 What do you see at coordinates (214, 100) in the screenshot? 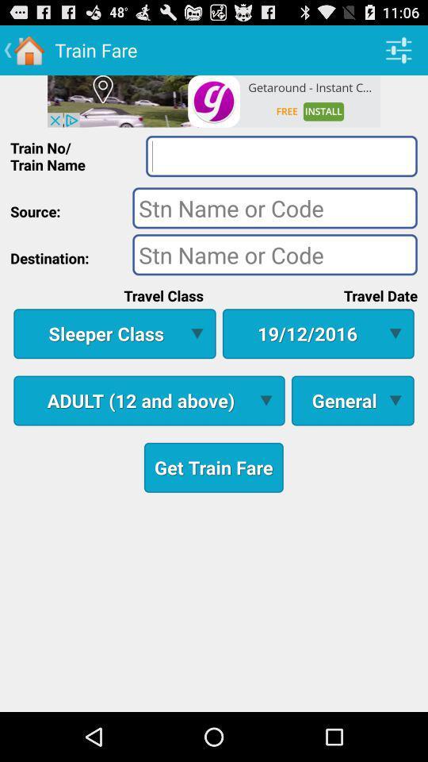
I see `free add from gateround` at bounding box center [214, 100].